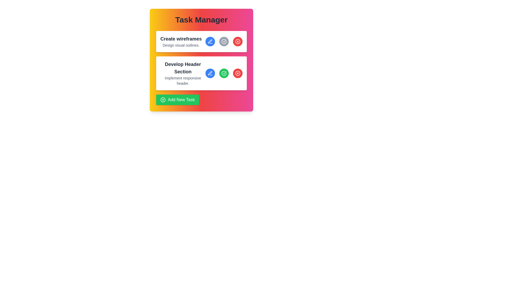 This screenshot has width=509, height=286. What do you see at coordinates (238, 73) in the screenshot?
I see `red circular icon with a white cross symbol located inside the rightmost button of the second task row titled 'Develop Header Section'` at bounding box center [238, 73].